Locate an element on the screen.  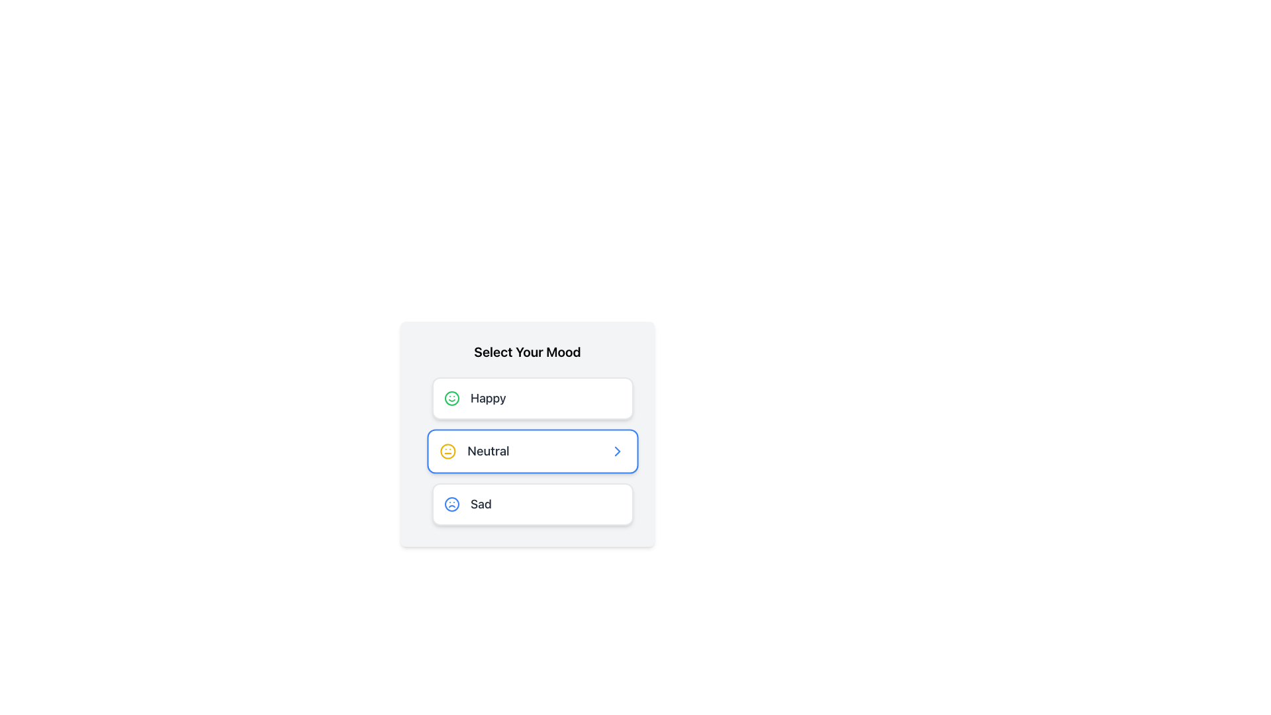
the 'Neutral' button is located at coordinates (533, 451).